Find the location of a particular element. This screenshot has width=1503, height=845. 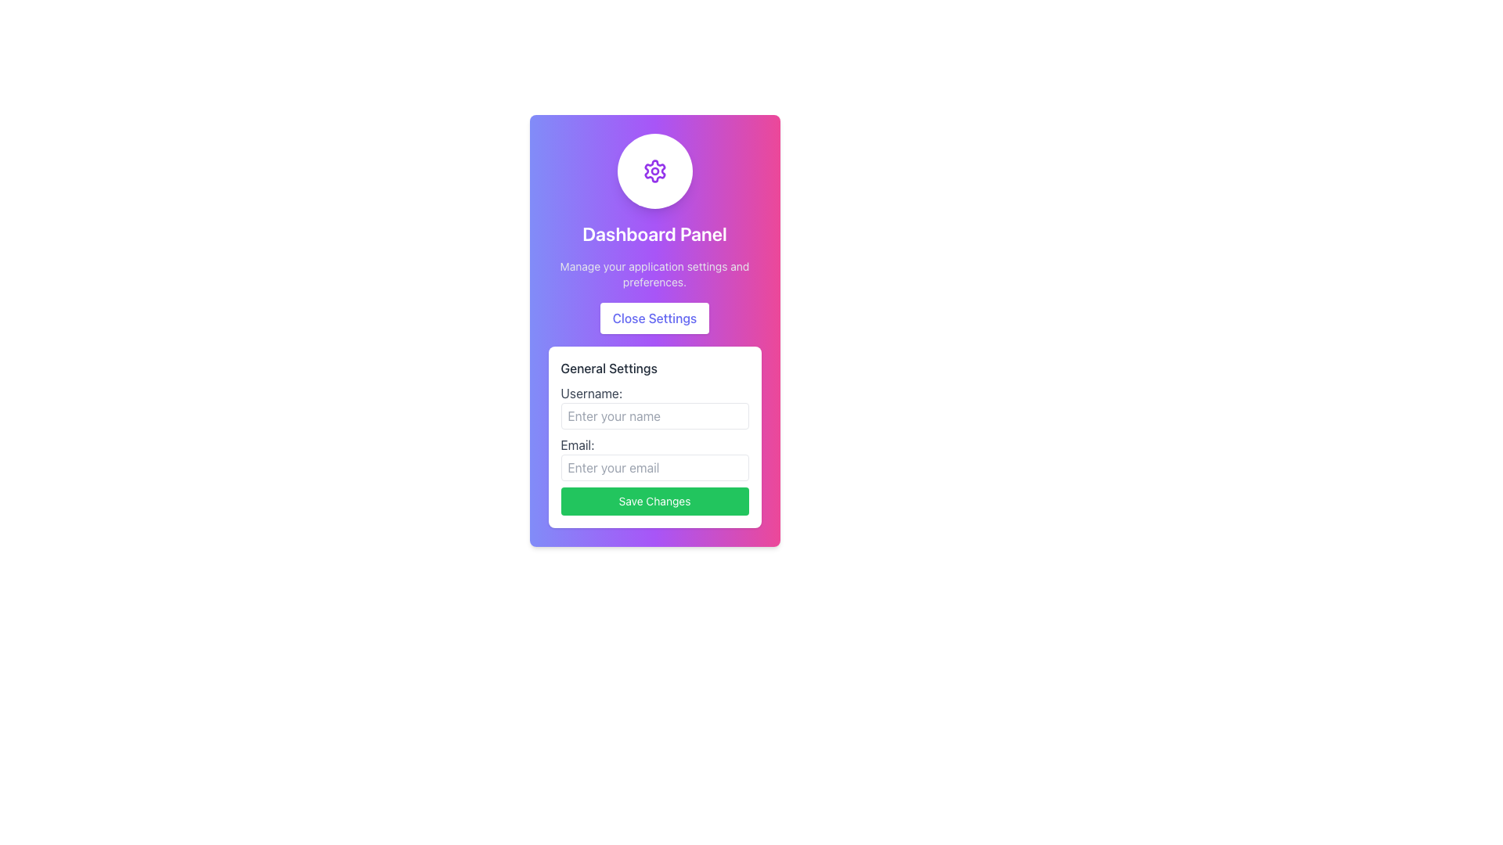

the 'Save Changes' button with a bright green background and white text located at the bottom of the 'General Settings' card on the Dashboard Panel to change its background color is located at coordinates (654, 501).